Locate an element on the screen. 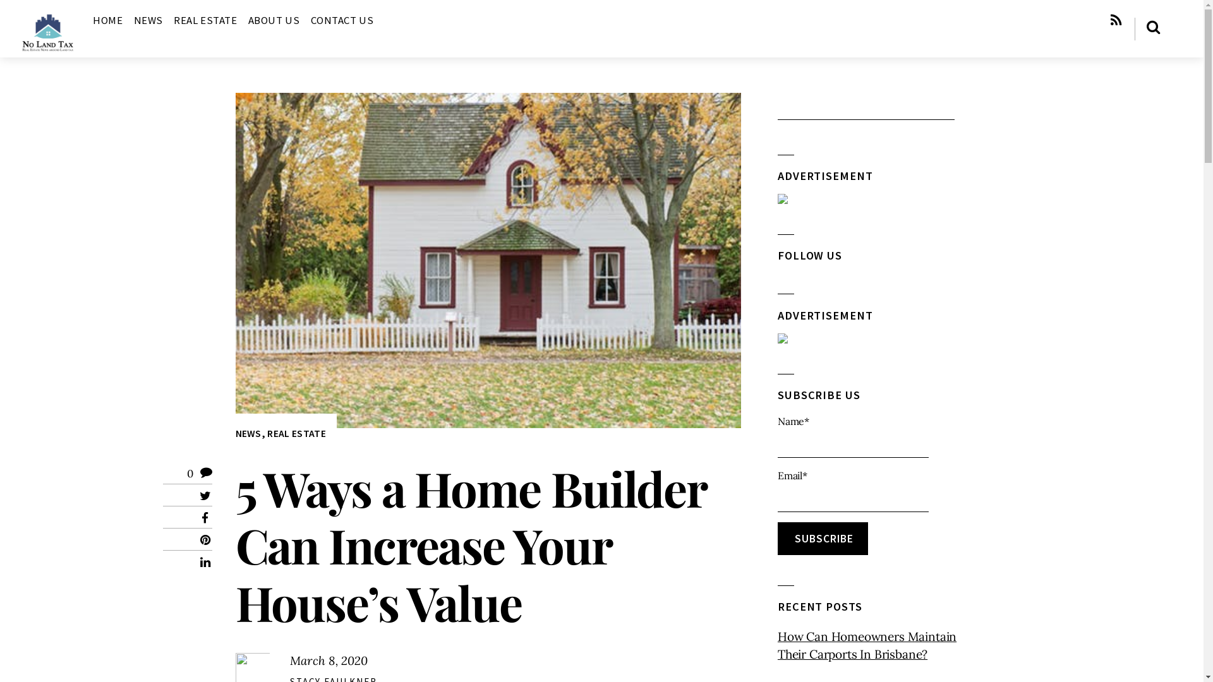  'REAL ESTATE' is located at coordinates (205, 20).